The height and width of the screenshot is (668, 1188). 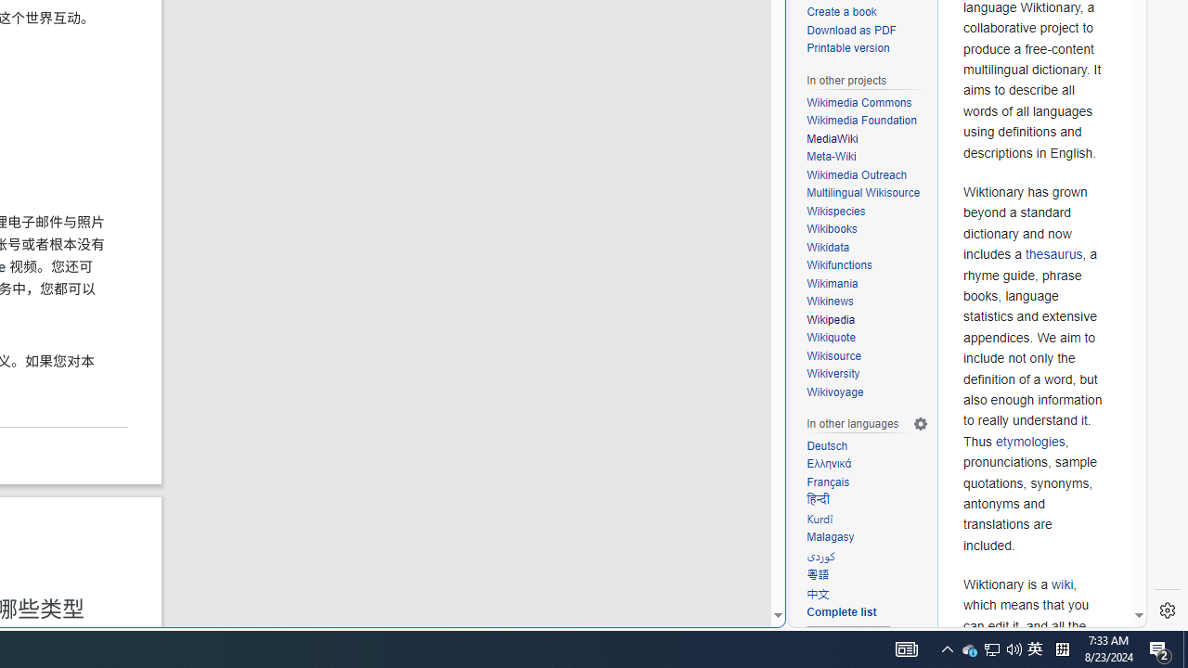 I want to click on 'etymologies', so click(x=1029, y=441).